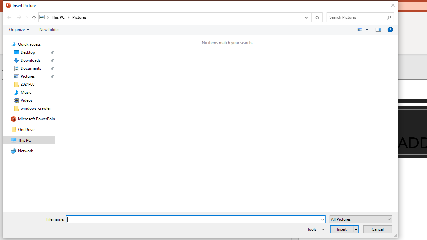  What do you see at coordinates (44, 17) in the screenshot?
I see `'All locations'` at bounding box center [44, 17].